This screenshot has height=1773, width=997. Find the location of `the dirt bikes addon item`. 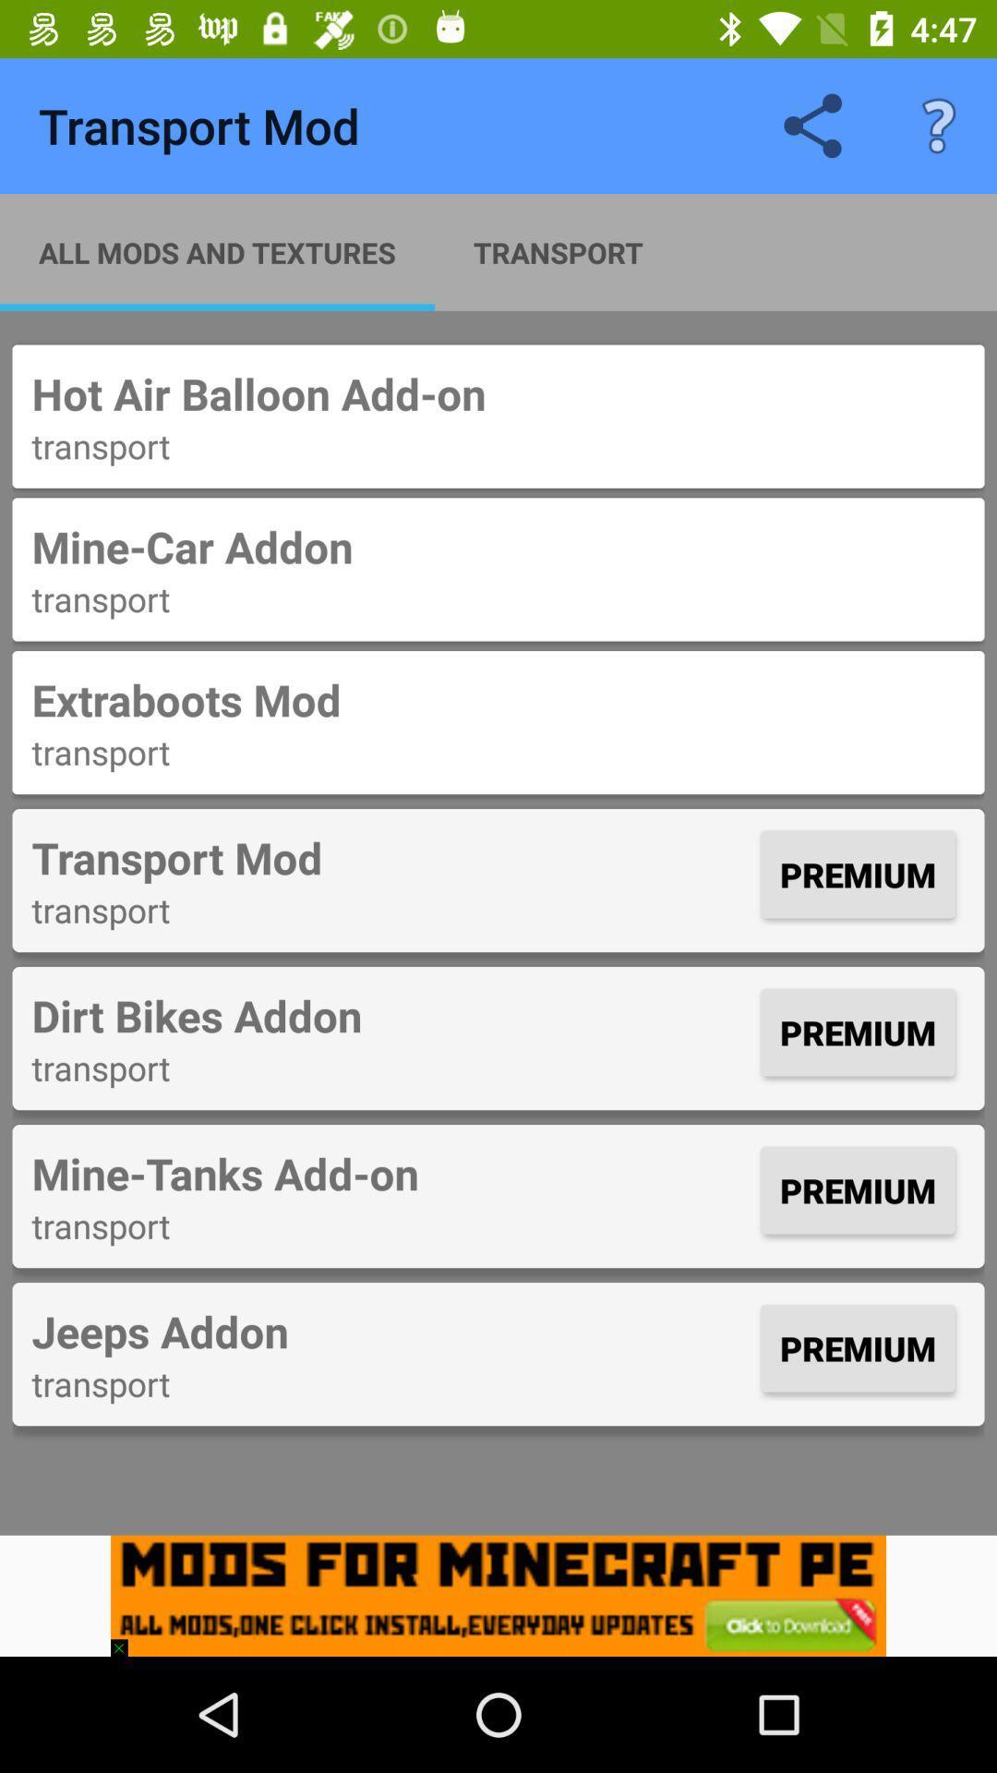

the dirt bikes addon item is located at coordinates (390, 1014).